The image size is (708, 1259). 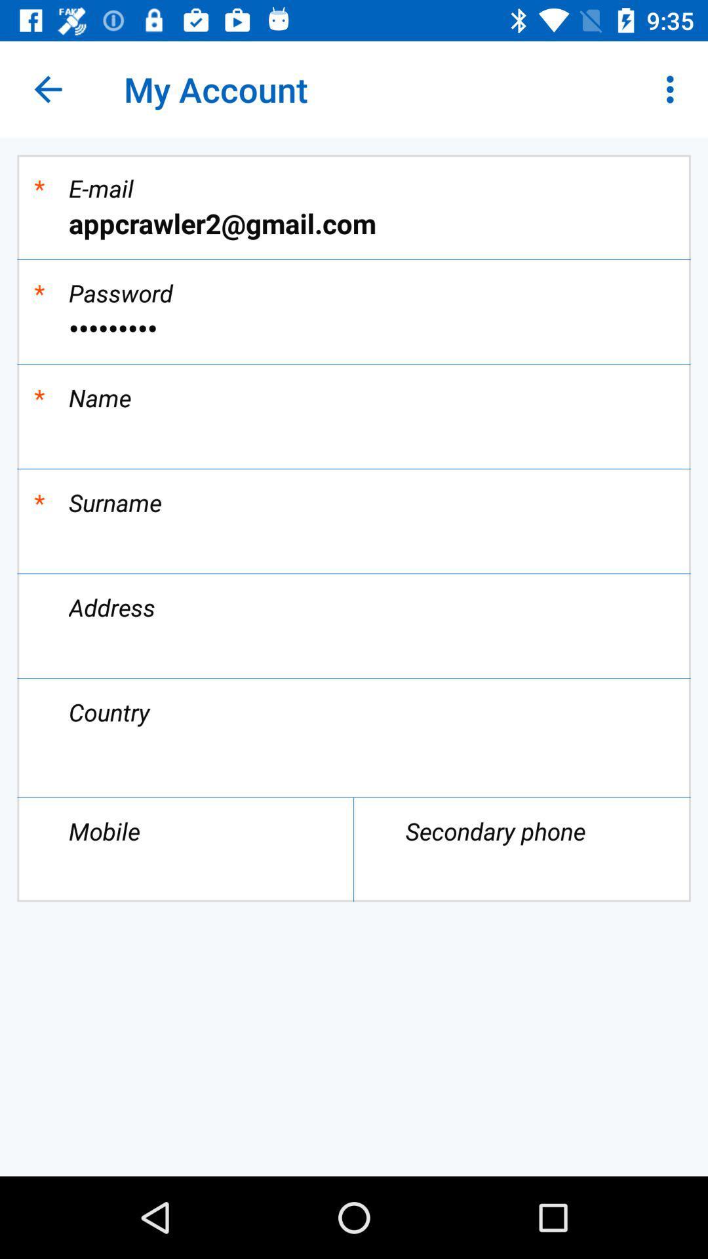 I want to click on give you access to type surname, so click(x=354, y=537).